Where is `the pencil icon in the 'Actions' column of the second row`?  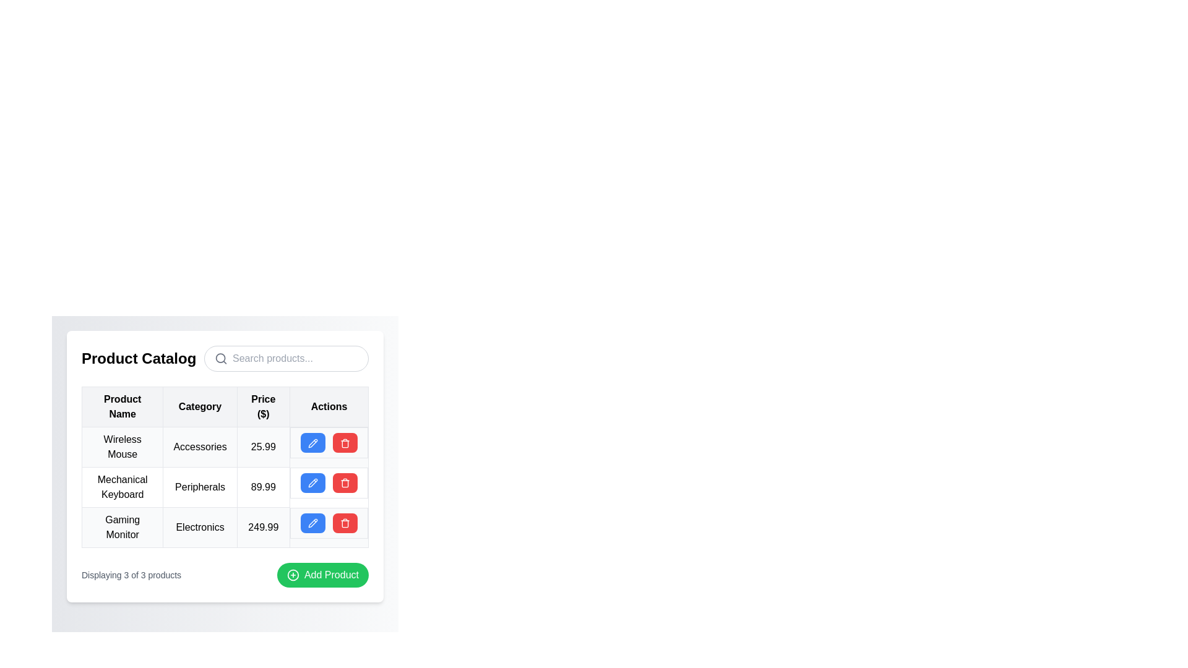
the pencil icon in the 'Actions' column of the second row is located at coordinates (312, 442).